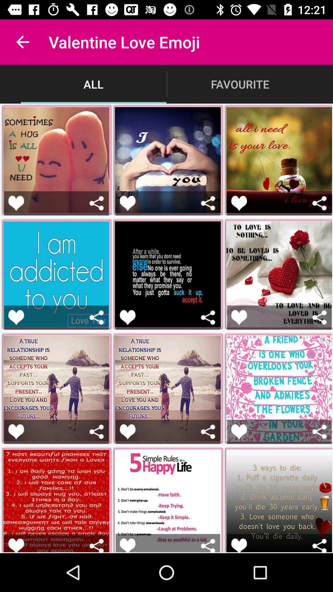  I want to click on share the picture, so click(97, 317).